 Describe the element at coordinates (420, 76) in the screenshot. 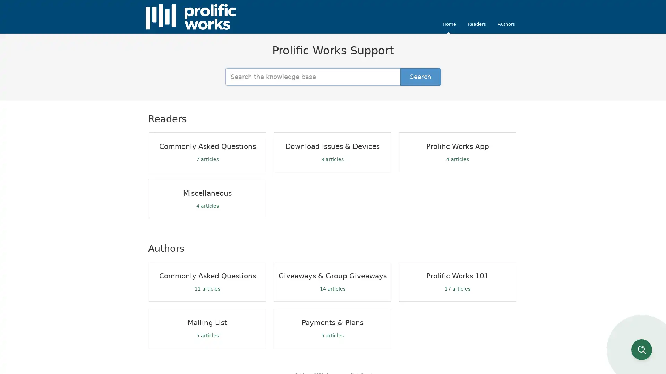

I see `Search` at that location.